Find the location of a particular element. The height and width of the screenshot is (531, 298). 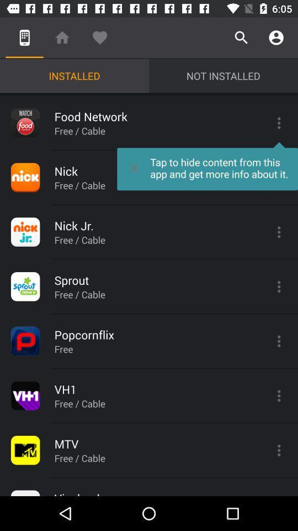

item next to free / cable is located at coordinates (207, 165).